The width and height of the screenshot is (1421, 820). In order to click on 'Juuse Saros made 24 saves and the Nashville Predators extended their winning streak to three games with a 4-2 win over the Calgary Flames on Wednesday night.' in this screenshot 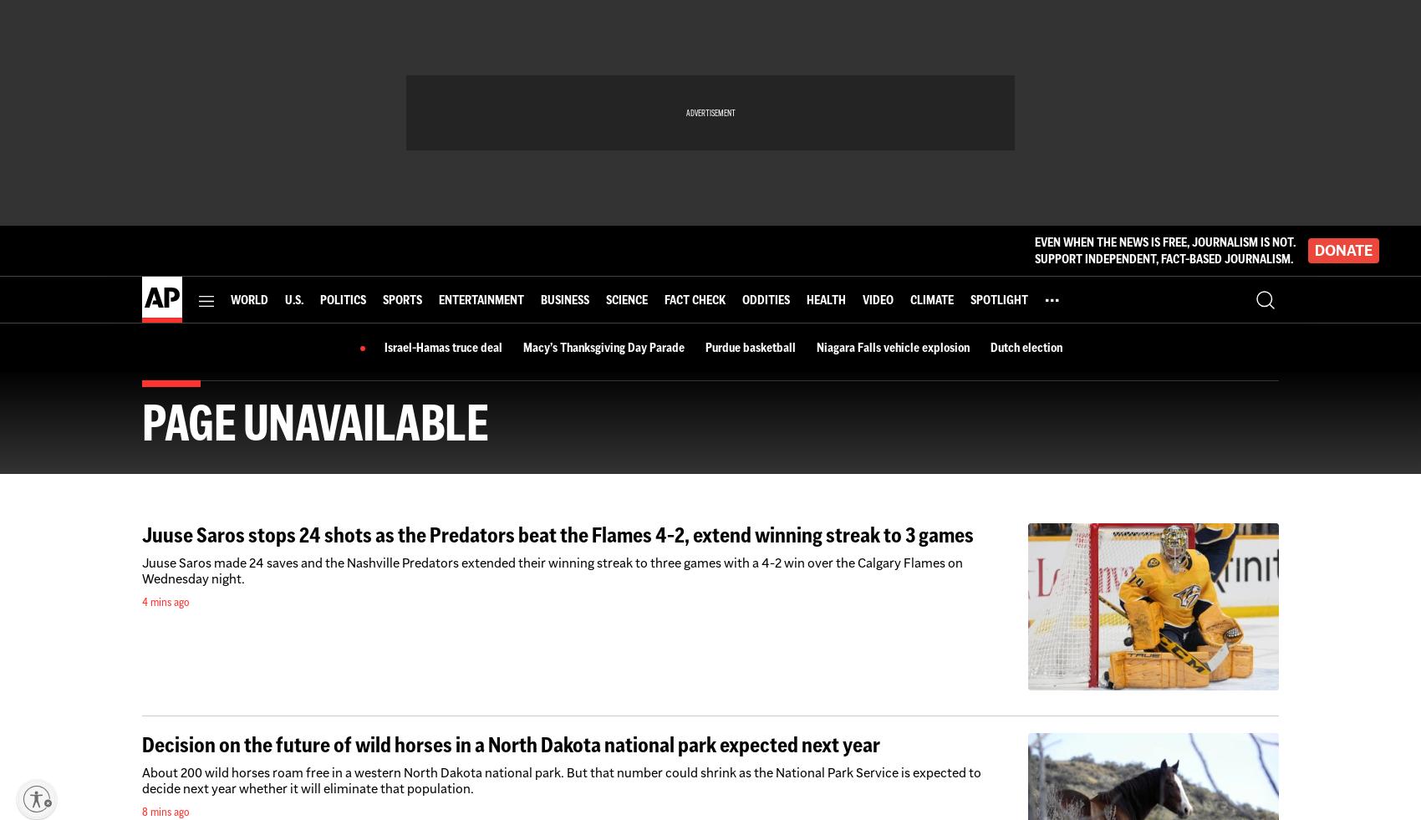, I will do `click(552, 570)`.